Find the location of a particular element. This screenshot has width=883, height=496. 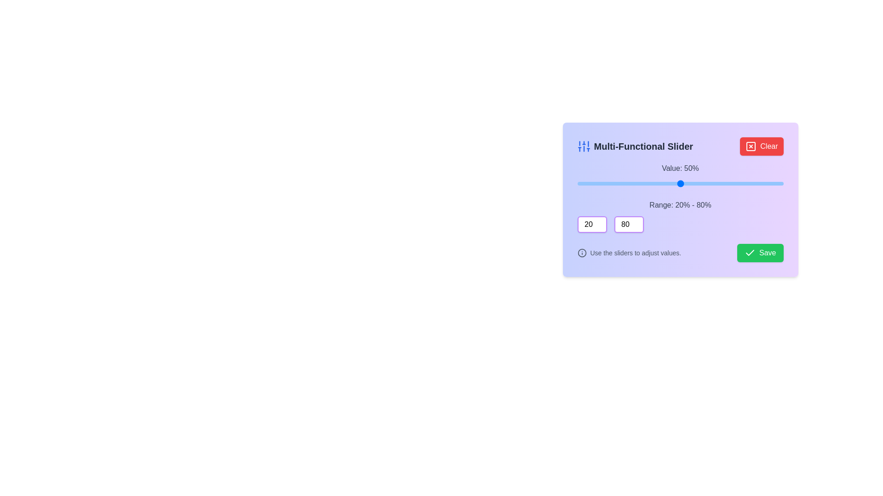

the slider value is located at coordinates (594, 184).